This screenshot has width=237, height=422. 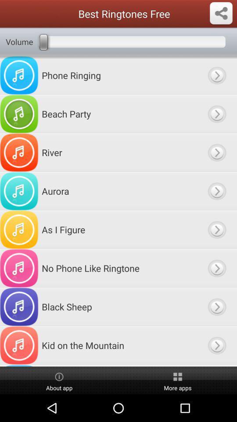 I want to click on the button the right next to the river button on the web page, so click(x=216, y=153).